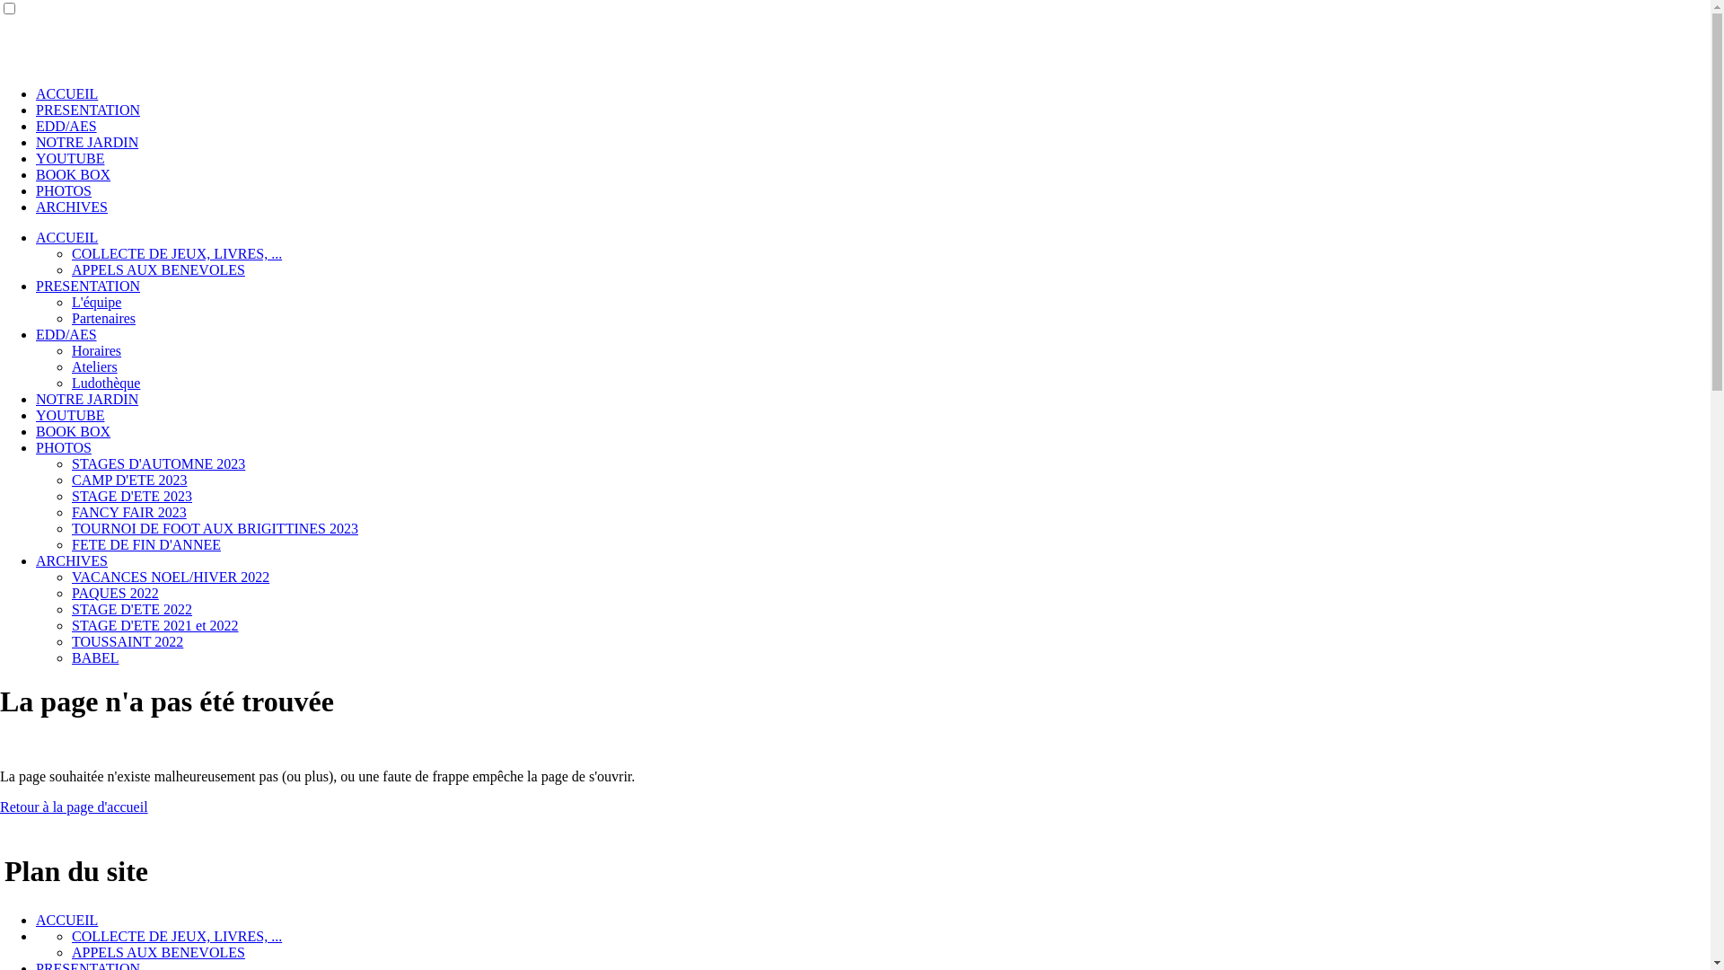 This screenshot has width=1724, height=970. I want to click on 'NOTRE JARDIN', so click(85, 141).